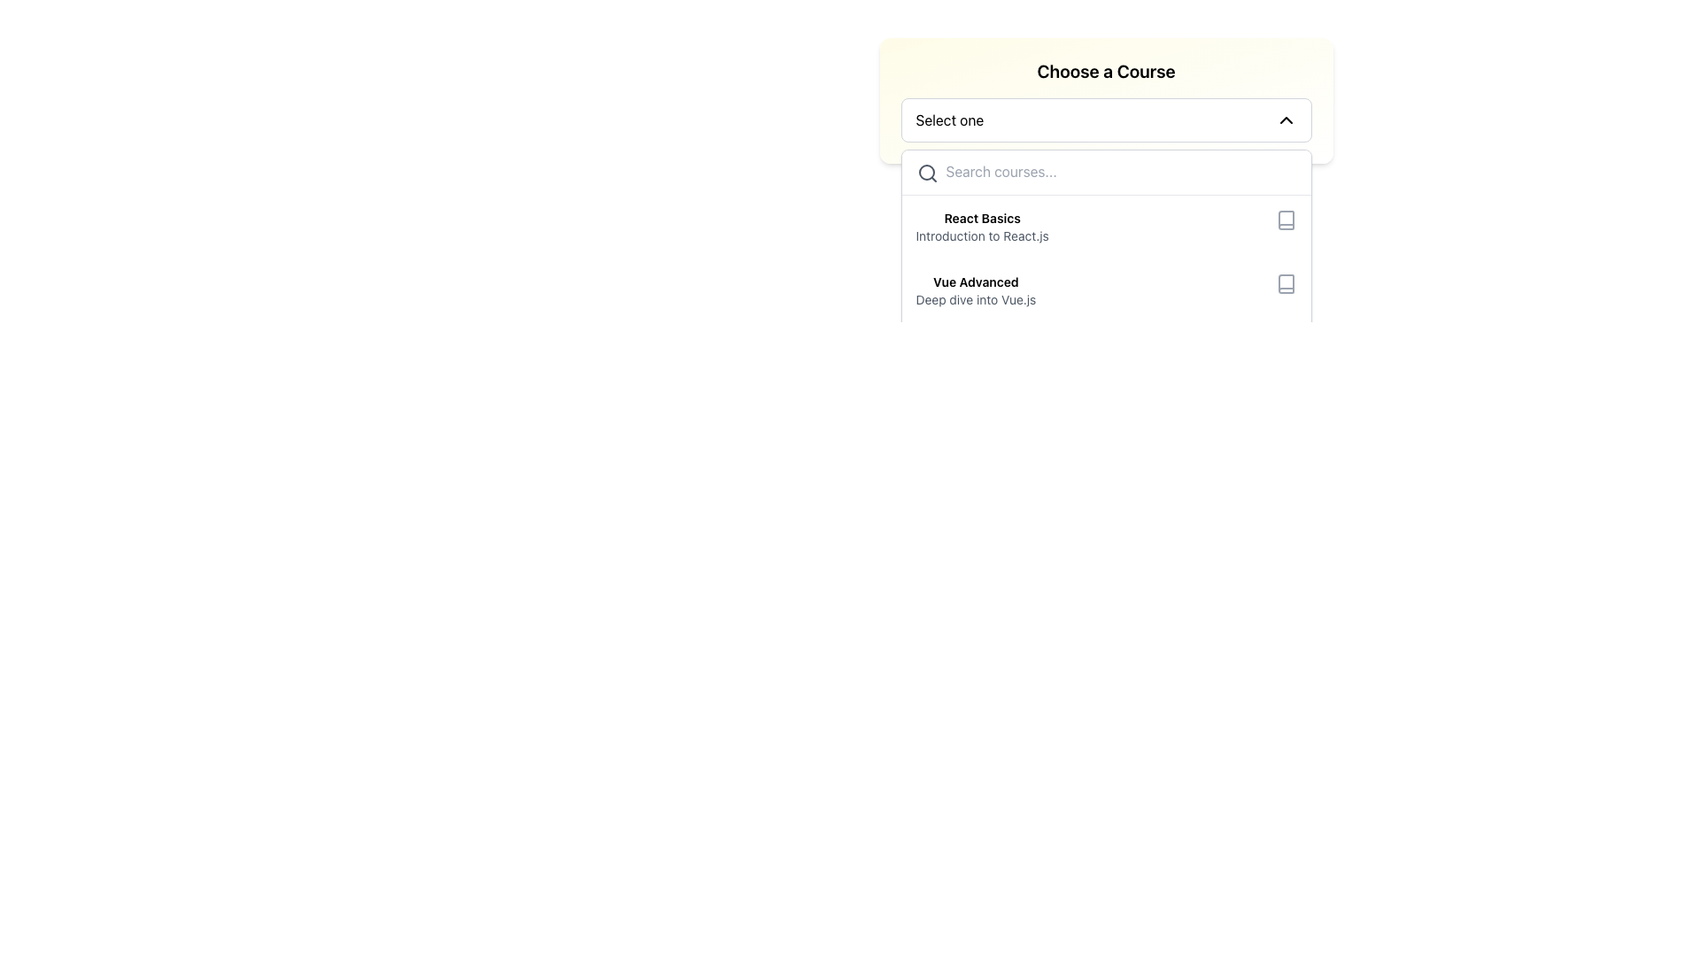 This screenshot has width=1700, height=956. I want to click on the 'Vue Advanced' course option in the dropdown menu, so click(975, 289).